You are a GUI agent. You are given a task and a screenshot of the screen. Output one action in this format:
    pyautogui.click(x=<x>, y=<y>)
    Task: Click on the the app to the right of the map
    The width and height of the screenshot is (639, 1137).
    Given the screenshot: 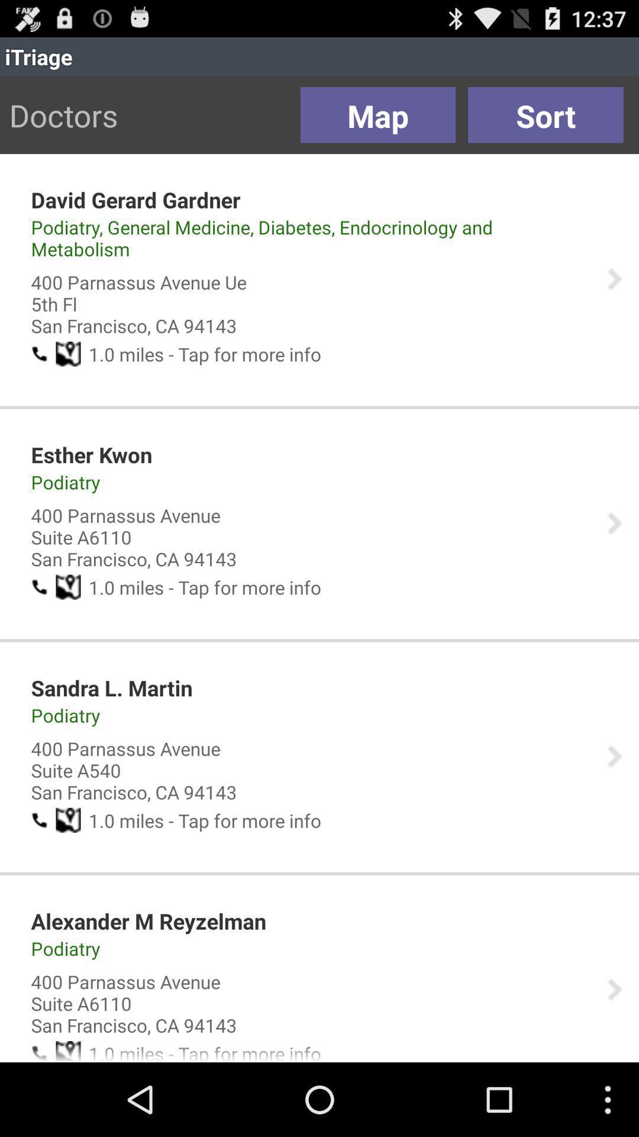 What is the action you would take?
    pyautogui.click(x=546, y=115)
    